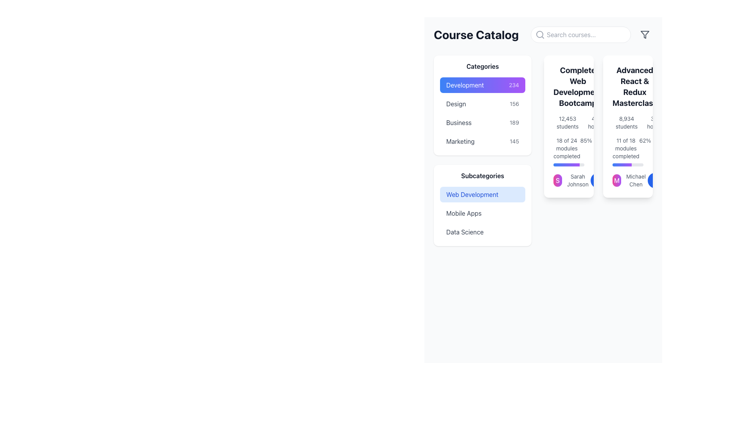 The width and height of the screenshot is (751, 422). I want to click on the progress bar that represents the completion progress of the 'Complete Web Development Bootcamp' course located in the 'Course Catalog' section, below the text '18 of 24 modules completed' and '85%', so click(569, 164).